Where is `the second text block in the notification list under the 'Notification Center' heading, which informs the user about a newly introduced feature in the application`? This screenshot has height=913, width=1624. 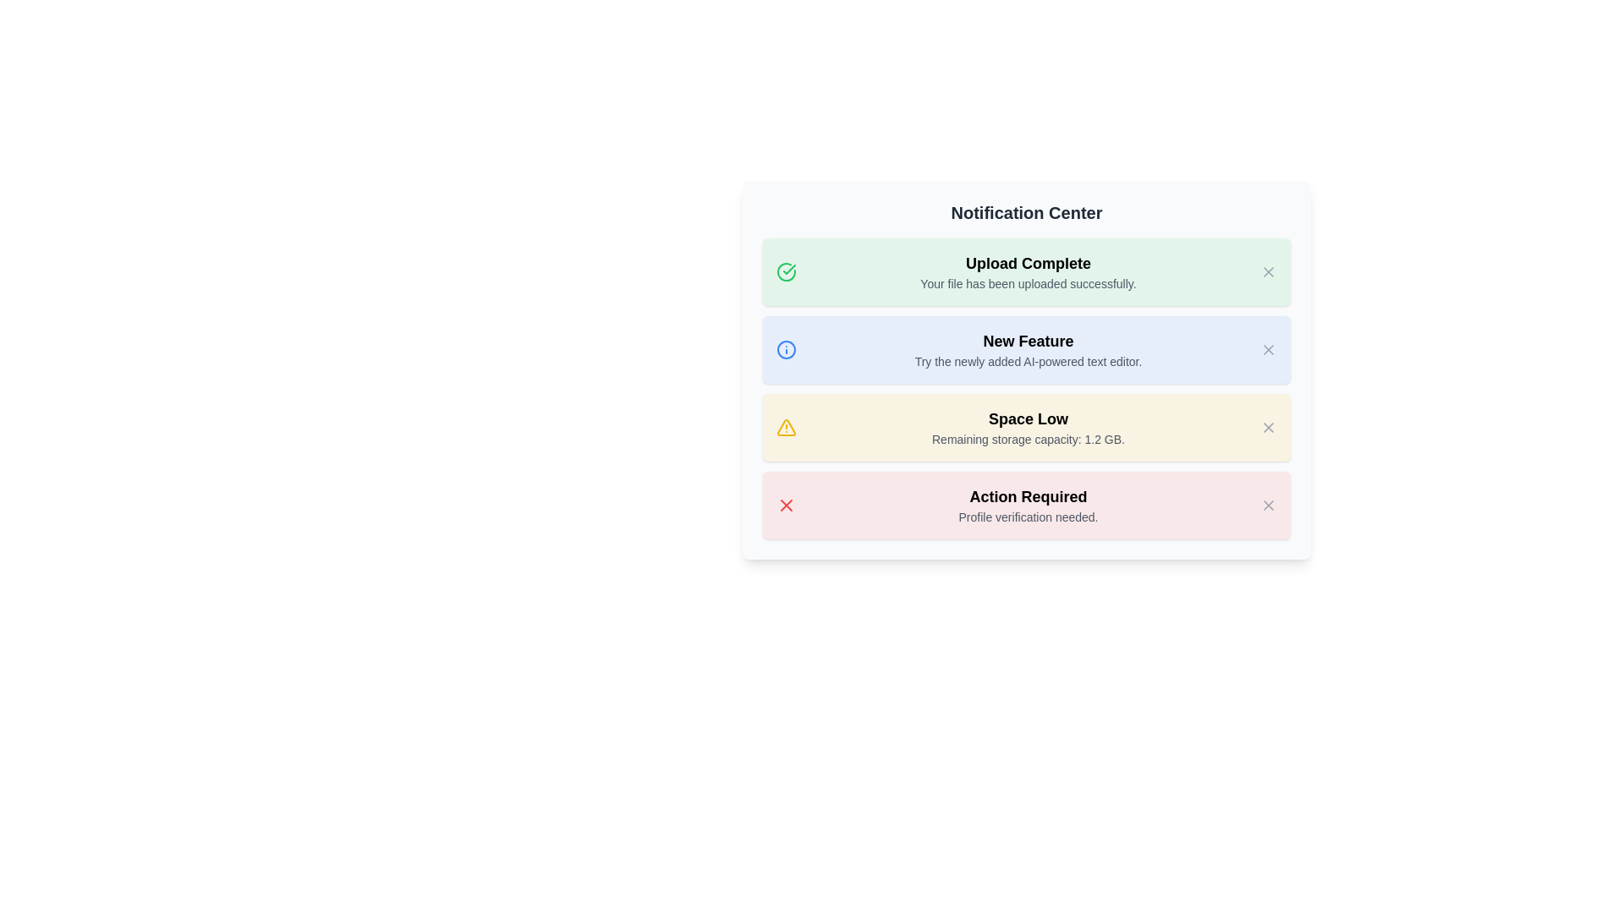
the second text block in the notification list under the 'Notification Center' heading, which informs the user about a newly introduced feature in the application is located at coordinates (1027, 348).